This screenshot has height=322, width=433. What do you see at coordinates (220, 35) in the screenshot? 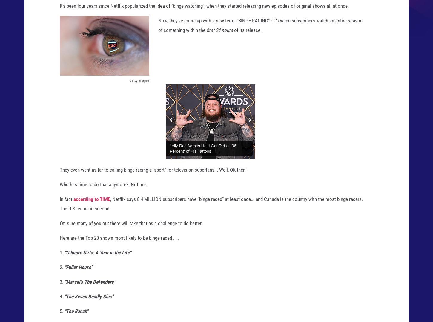
I see `'first 24 hours'` at bounding box center [220, 35].